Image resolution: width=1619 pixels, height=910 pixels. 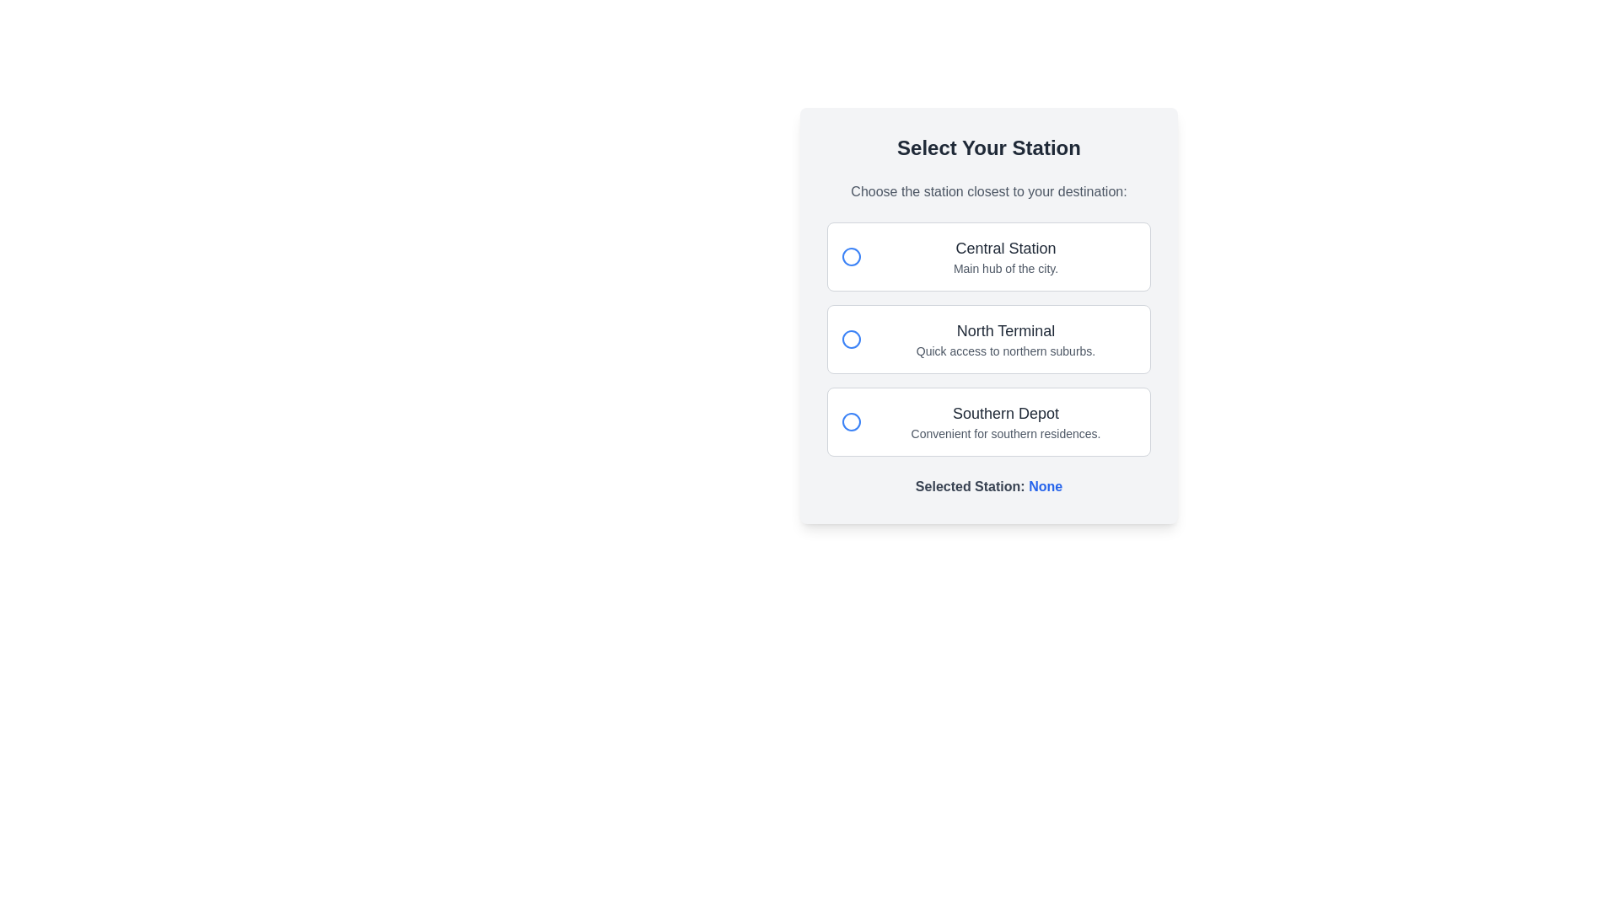 What do you see at coordinates (851, 421) in the screenshot?
I see `the circular radio button for 'Southern Depot'` at bounding box center [851, 421].